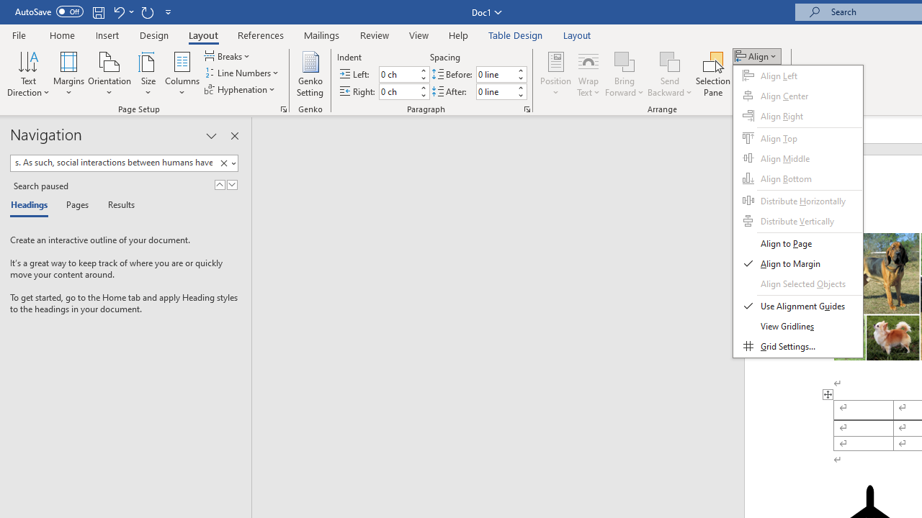 Image resolution: width=922 pixels, height=518 pixels. I want to click on 'Page Setup...', so click(284, 108).